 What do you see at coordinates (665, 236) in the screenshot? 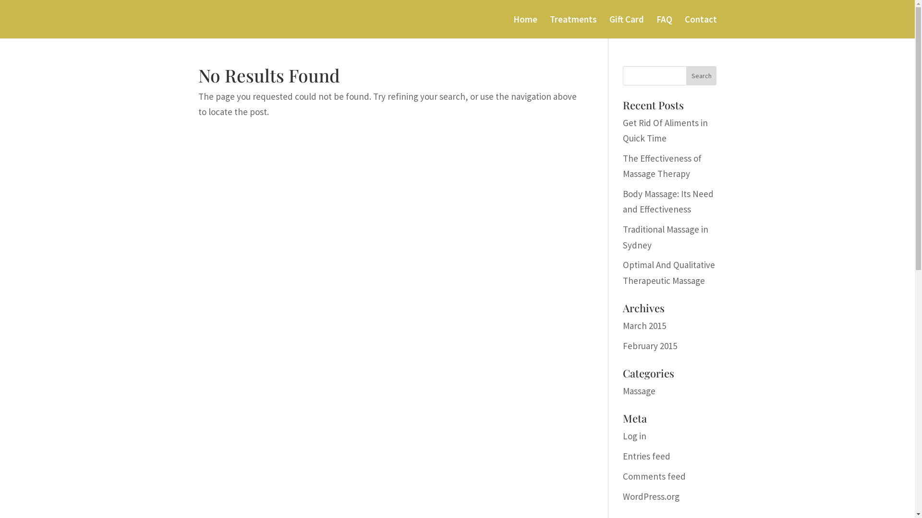
I see `'Traditional Massage in Sydney'` at bounding box center [665, 236].